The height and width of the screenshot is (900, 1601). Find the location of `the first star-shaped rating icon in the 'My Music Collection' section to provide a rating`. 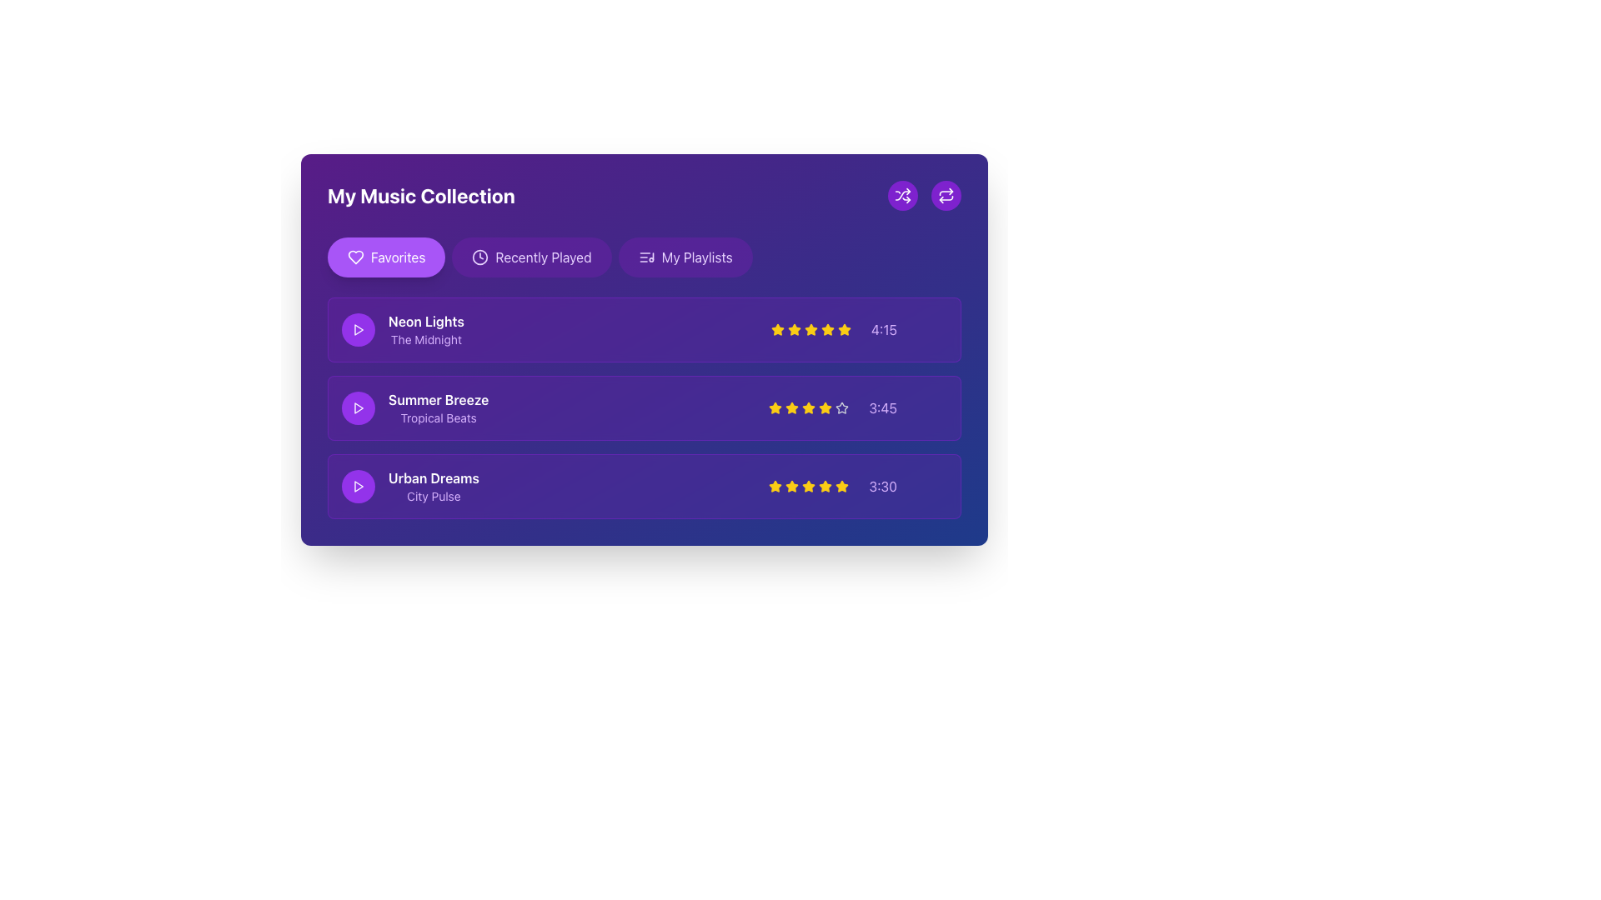

the first star-shaped rating icon in the 'My Music Collection' section to provide a rating is located at coordinates (844, 329).